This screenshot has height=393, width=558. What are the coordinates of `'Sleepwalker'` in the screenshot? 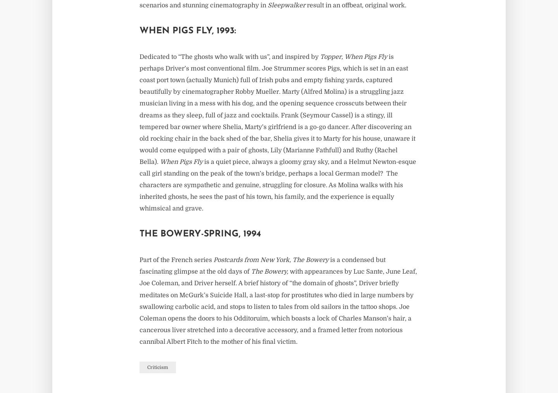 It's located at (286, 5).